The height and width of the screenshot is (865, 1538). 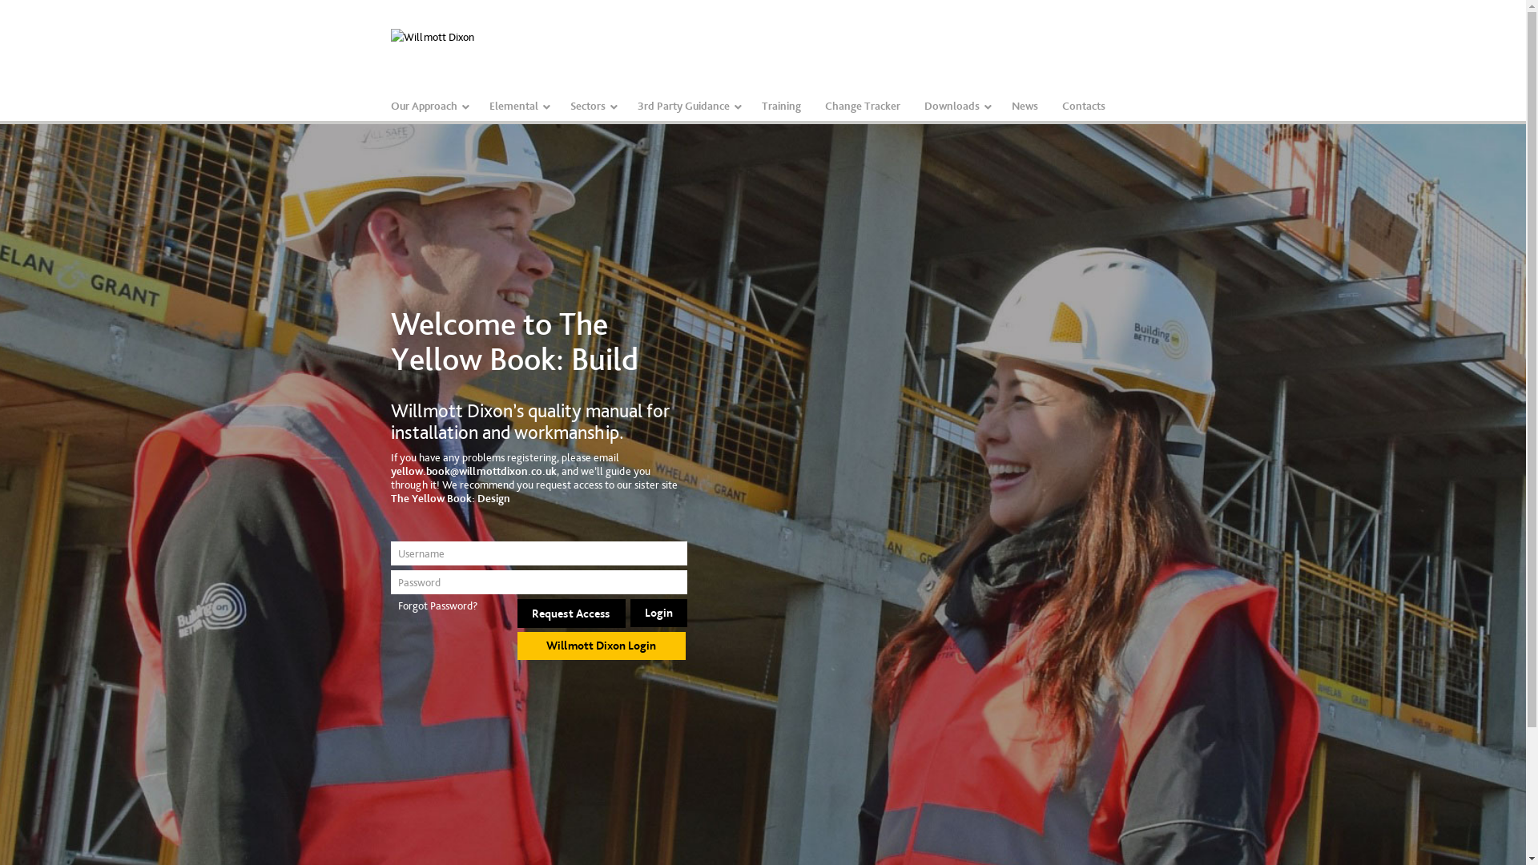 I want to click on 'yellow.book@willmottdixon.co.uk', so click(x=391, y=469).